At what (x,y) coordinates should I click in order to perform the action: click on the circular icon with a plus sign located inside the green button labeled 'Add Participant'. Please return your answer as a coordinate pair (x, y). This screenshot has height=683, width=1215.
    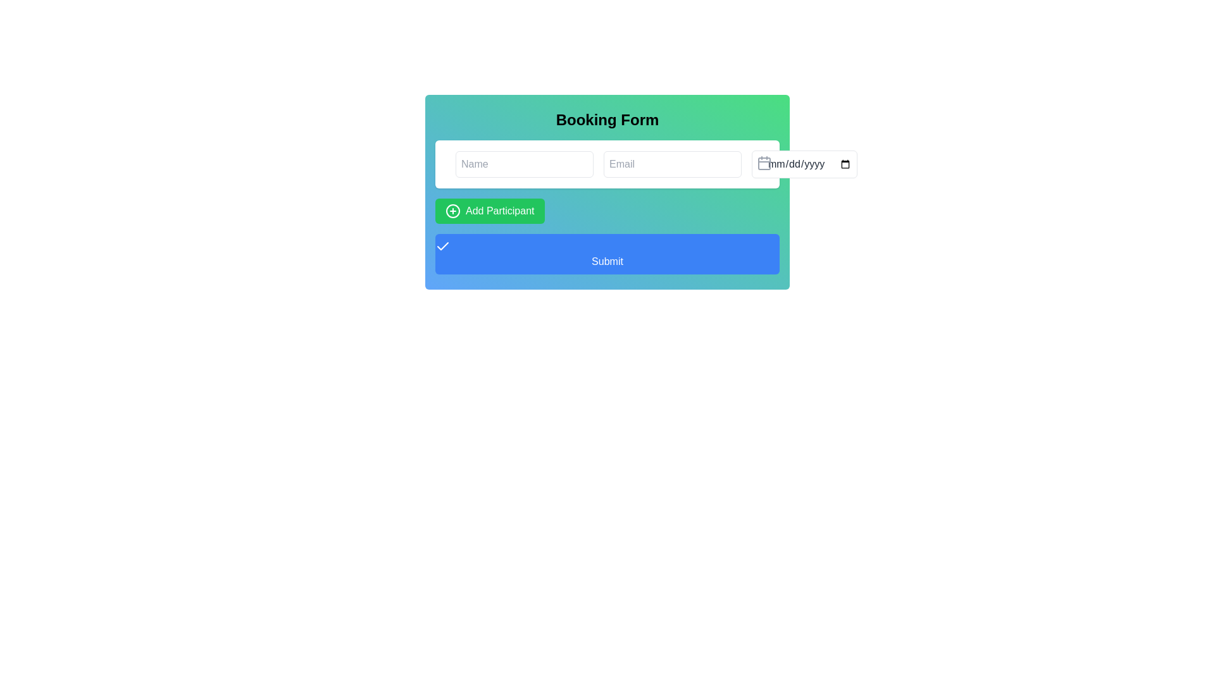
    Looking at the image, I should click on (452, 211).